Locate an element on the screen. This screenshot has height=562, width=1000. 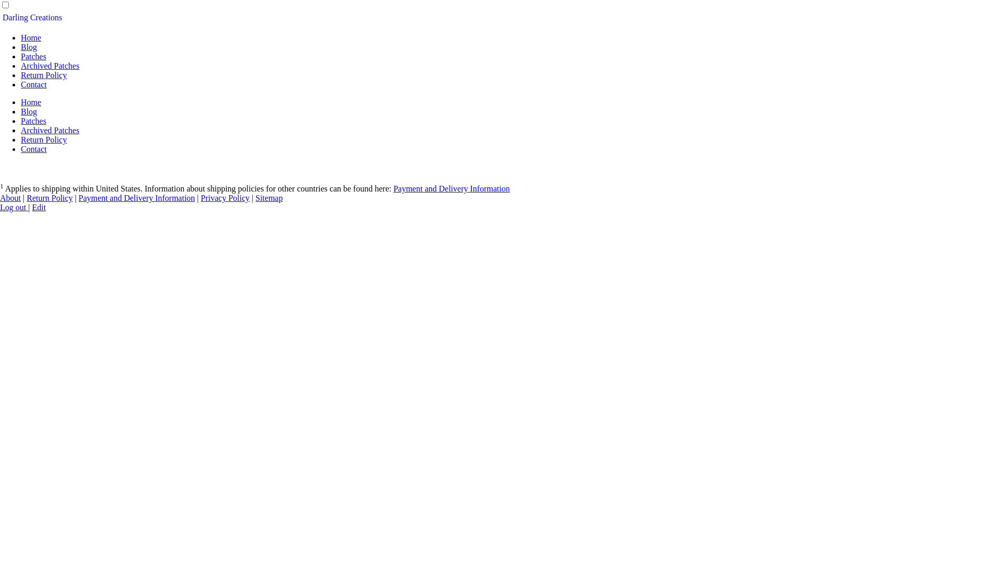
'Patches' is located at coordinates (20, 56).